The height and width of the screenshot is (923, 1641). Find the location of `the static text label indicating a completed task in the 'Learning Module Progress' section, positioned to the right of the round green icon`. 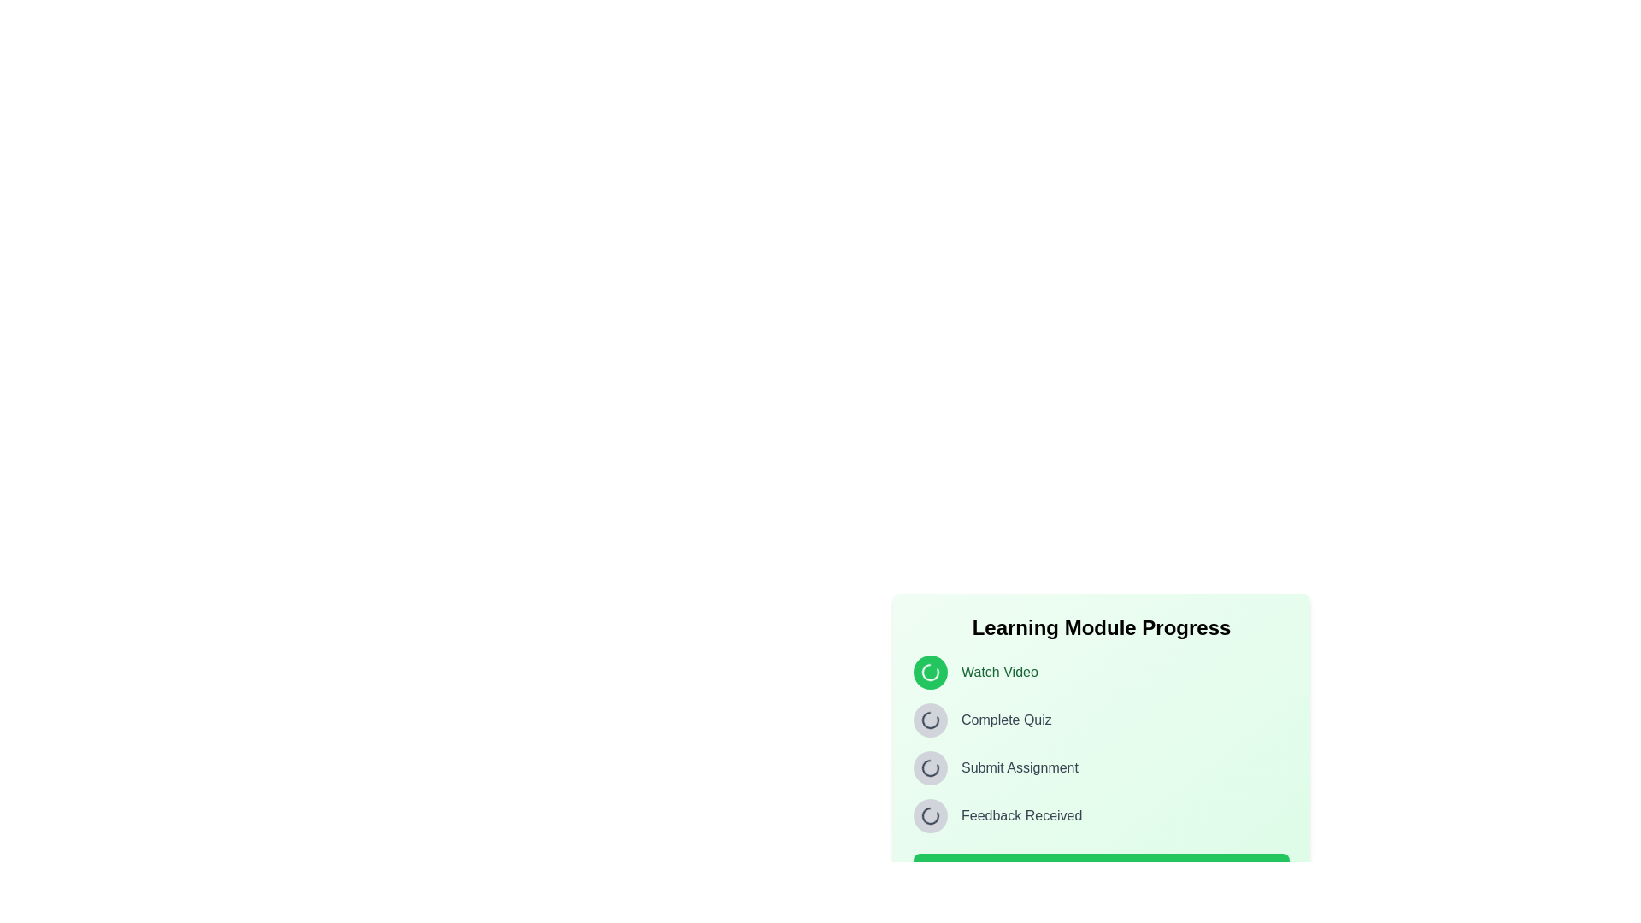

the static text label indicating a completed task in the 'Learning Module Progress' section, positioned to the right of the round green icon is located at coordinates (999, 671).